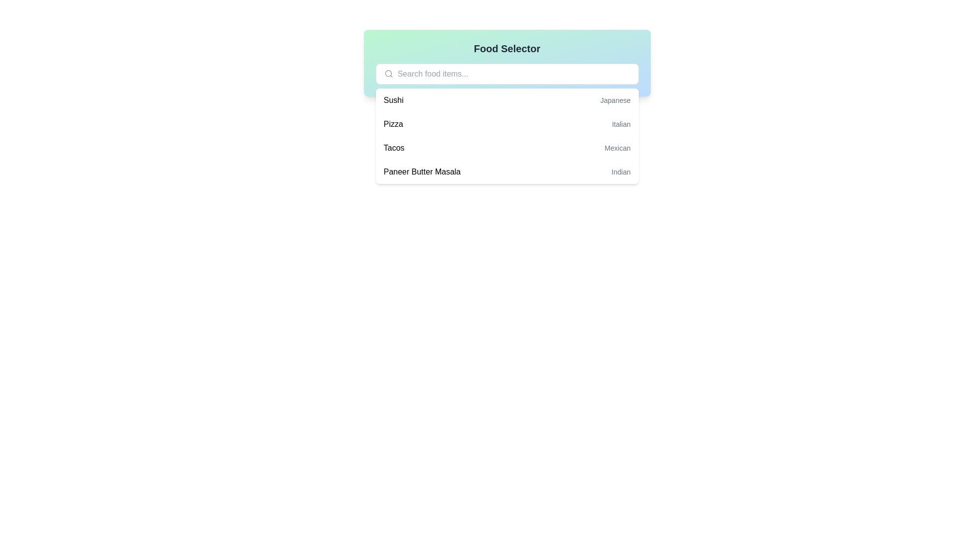 The image size is (956, 537). I want to click on the dropdown menu displaying categorized food items located below the search input field at the center of the interface, so click(507, 136).